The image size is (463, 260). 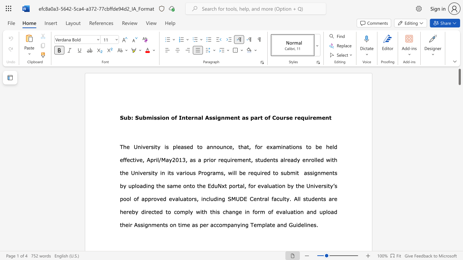 What do you see at coordinates (459, 77) in the screenshot?
I see `the scrollbar and move down 1500 pixels` at bounding box center [459, 77].